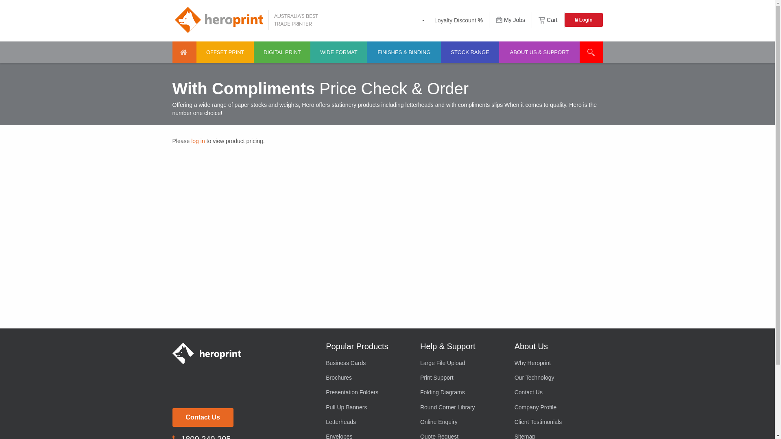 The width and height of the screenshot is (781, 439). What do you see at coordinates (184, 52) in the screenshot?
I see `'HOME'` at bounding box center [184, 52].